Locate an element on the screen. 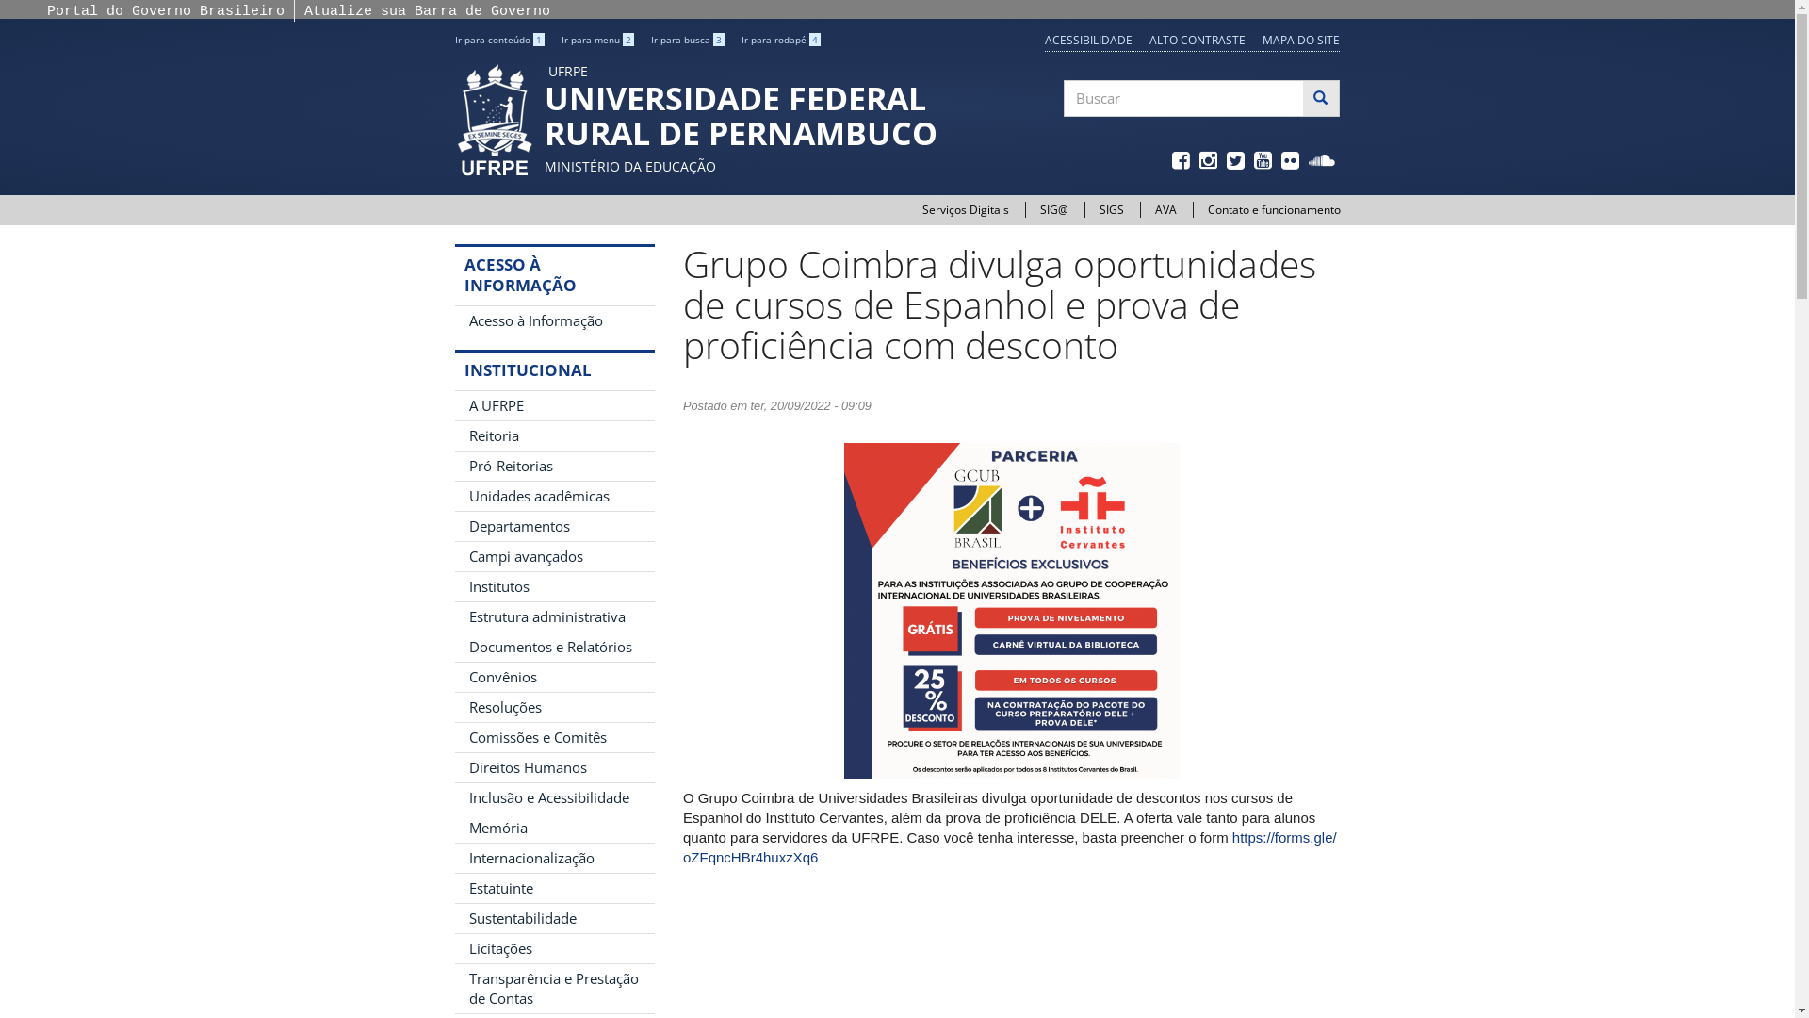 This screenshot has width=1809, height=1018. 'Estatuinte' is located at coordinates (553, 888).